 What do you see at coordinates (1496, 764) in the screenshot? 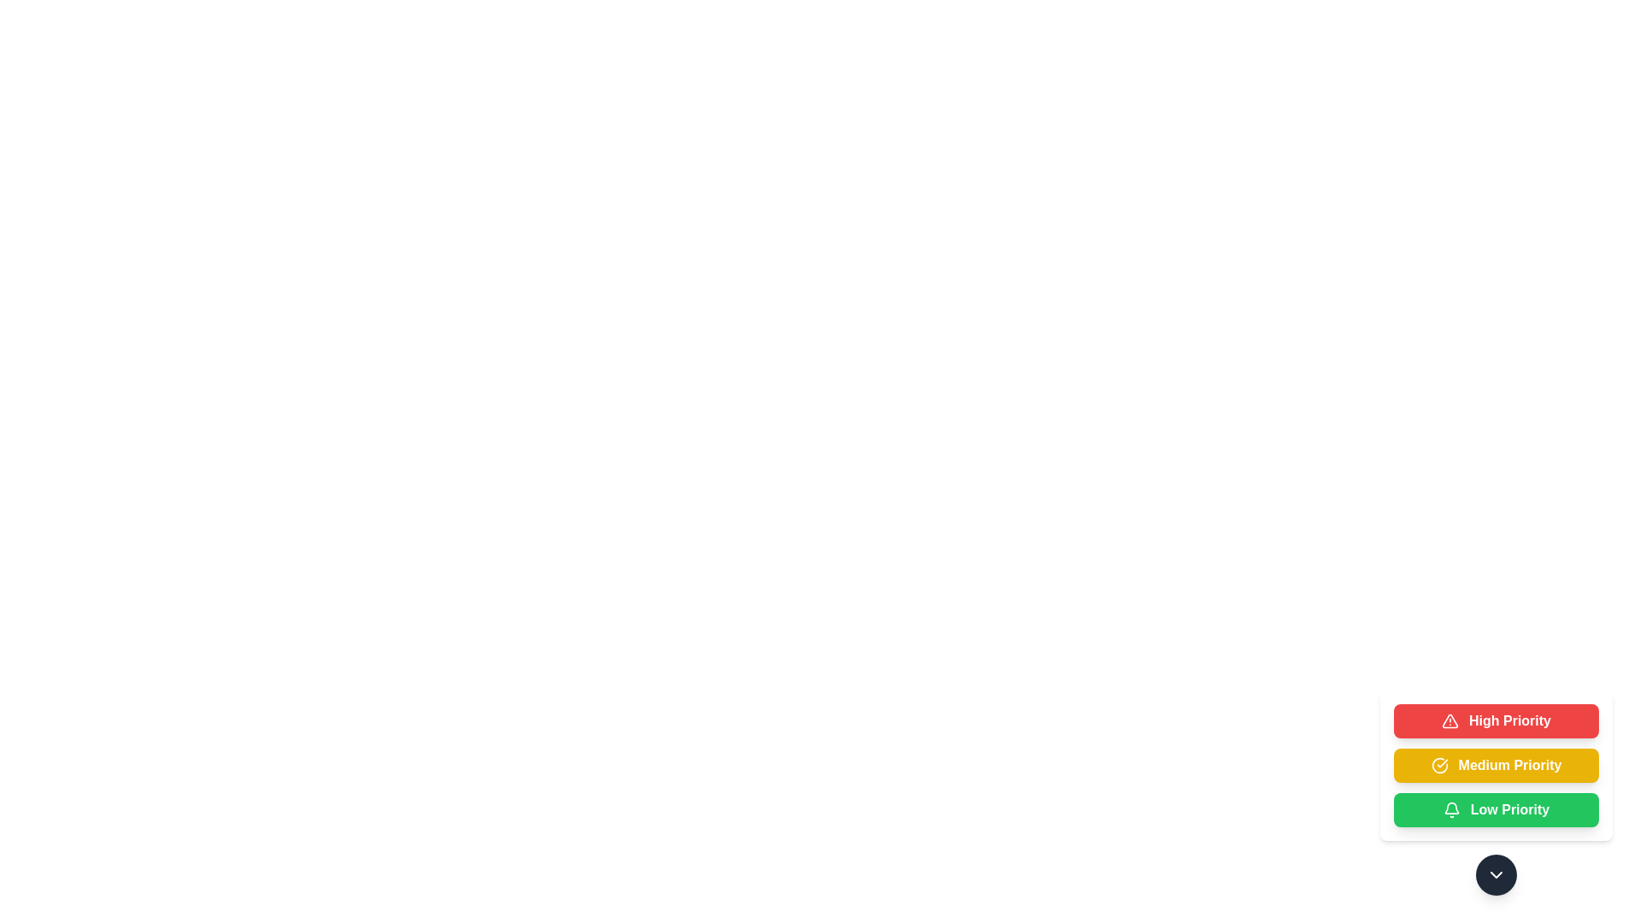
I see `the priority level Medium by clicking the corresponding button` at bounding box center [1496, 764].